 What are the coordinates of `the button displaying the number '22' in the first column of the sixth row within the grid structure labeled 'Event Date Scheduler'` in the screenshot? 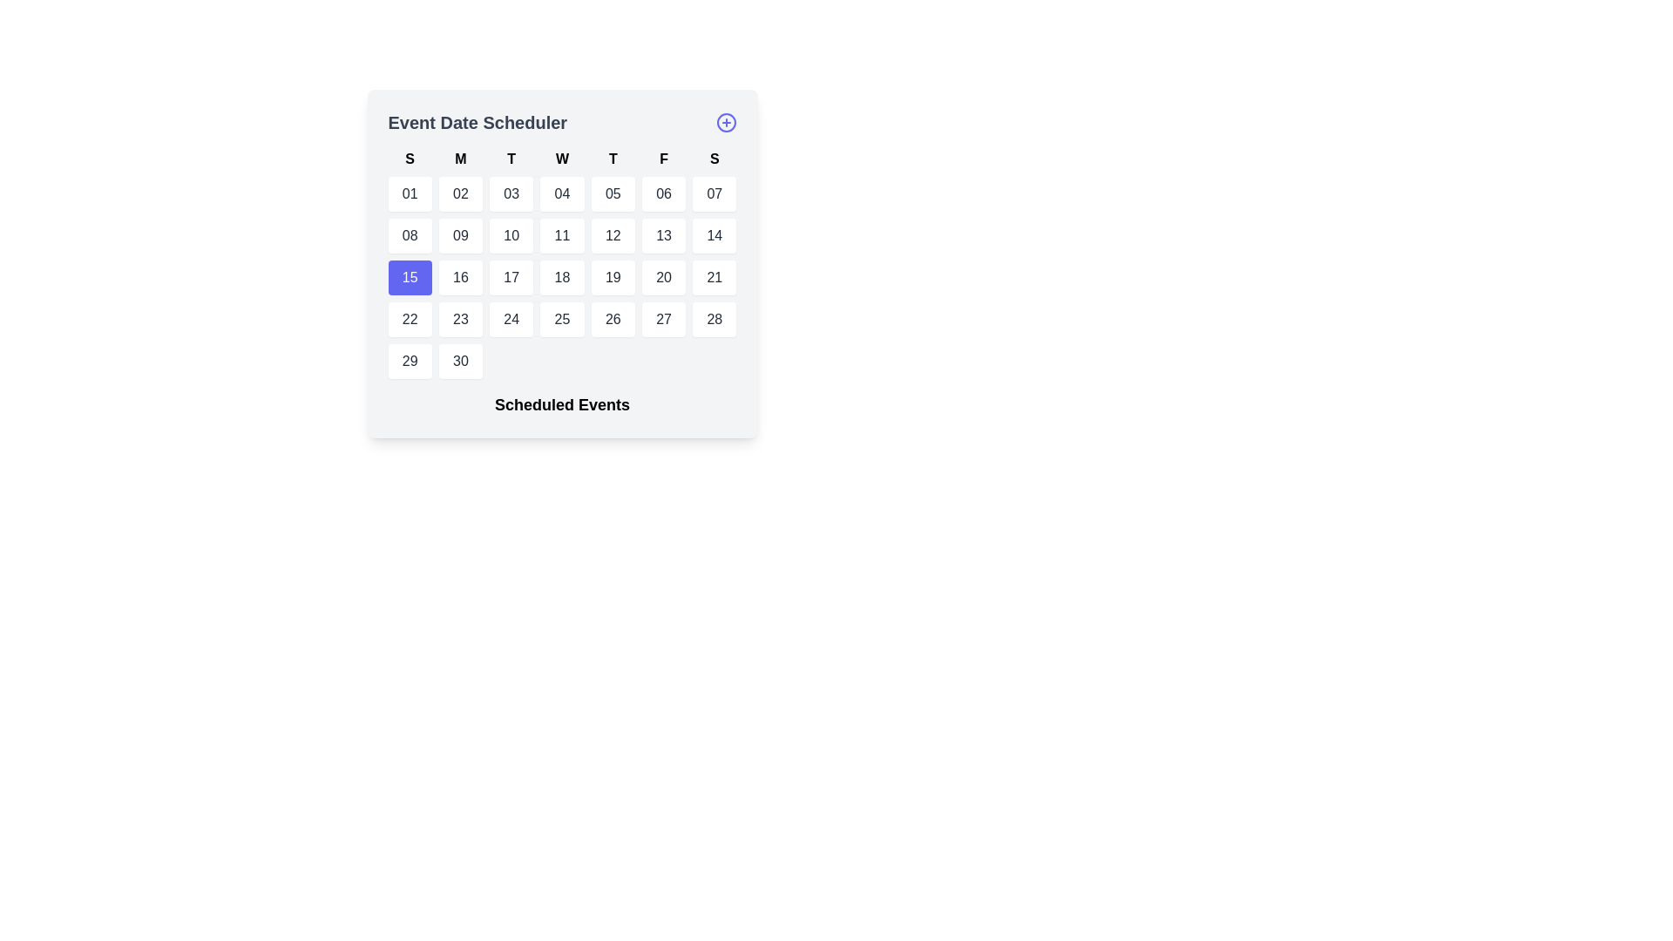 It's located at (409, 319).